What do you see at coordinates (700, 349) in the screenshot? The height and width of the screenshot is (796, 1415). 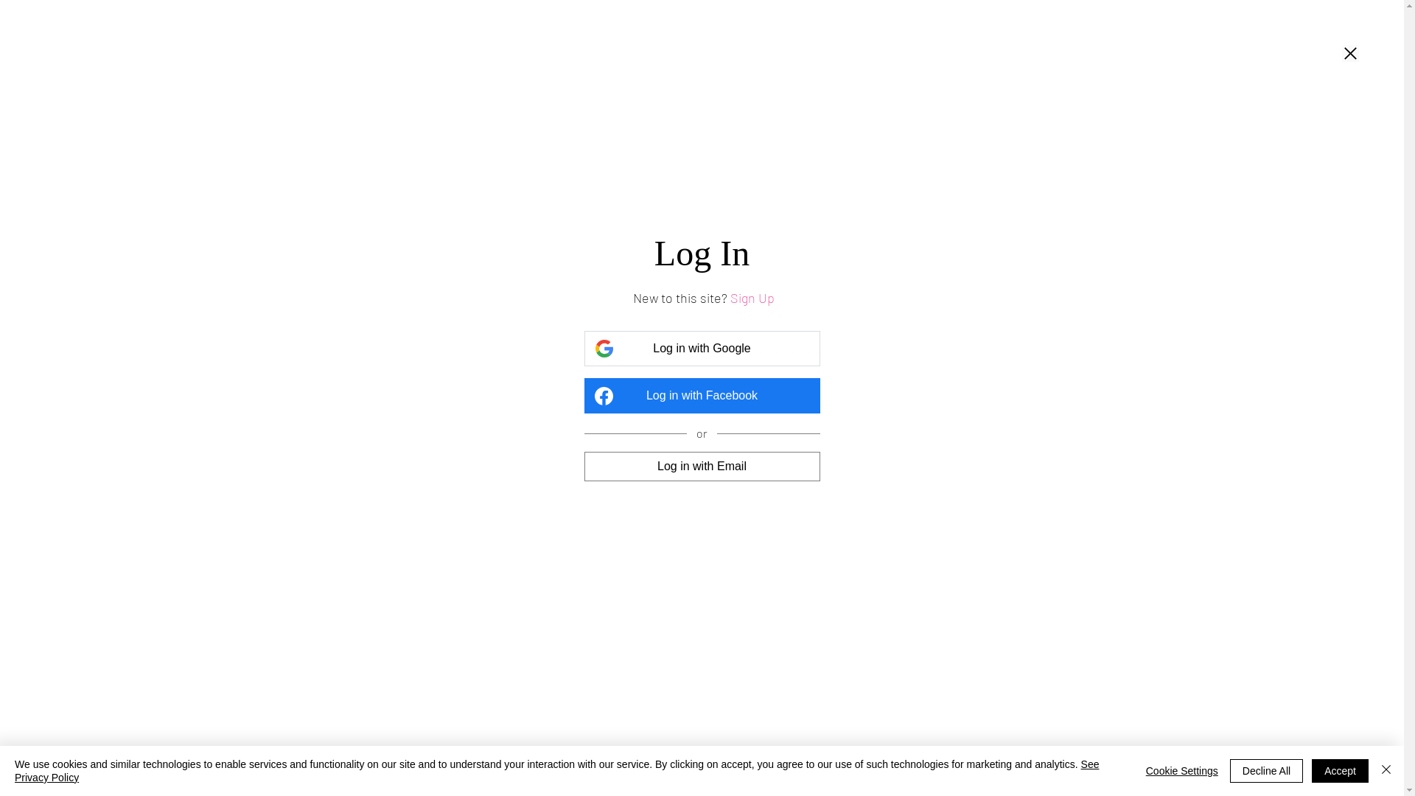 I see `'Log in with Google'` at bounding box center [700, 349].